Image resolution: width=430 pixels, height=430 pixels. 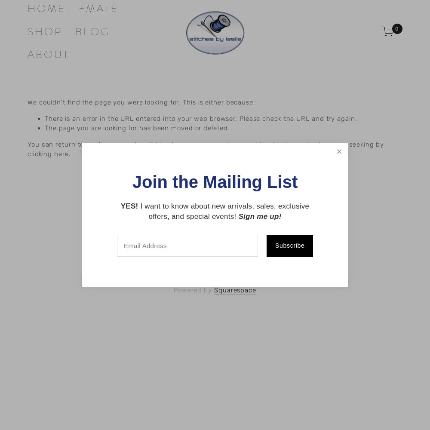 What do you see at coordinates (200, 118) in the screenshot?
I see `'There is an error in the URL entered into your web browser. Please check the URL and try again.'` at bounding box center [200, 118].